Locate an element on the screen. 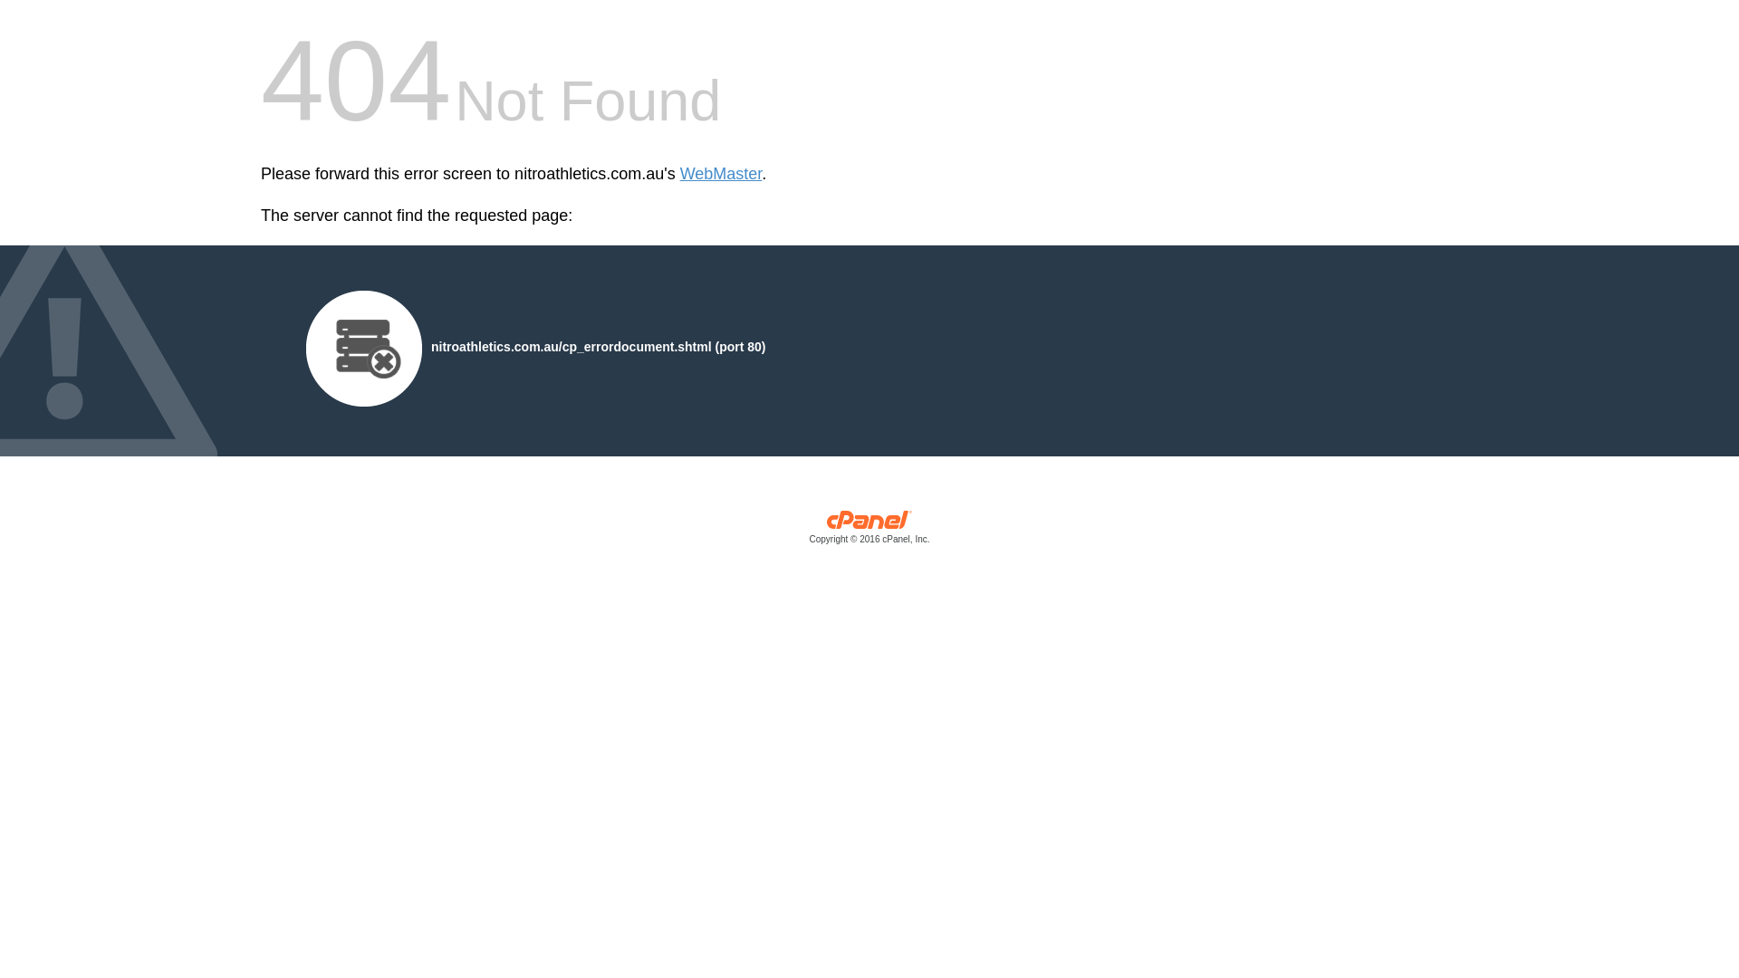 This screenshot has height=978, width=1739. 'WebMaster' is located at coordinates (720, 174).